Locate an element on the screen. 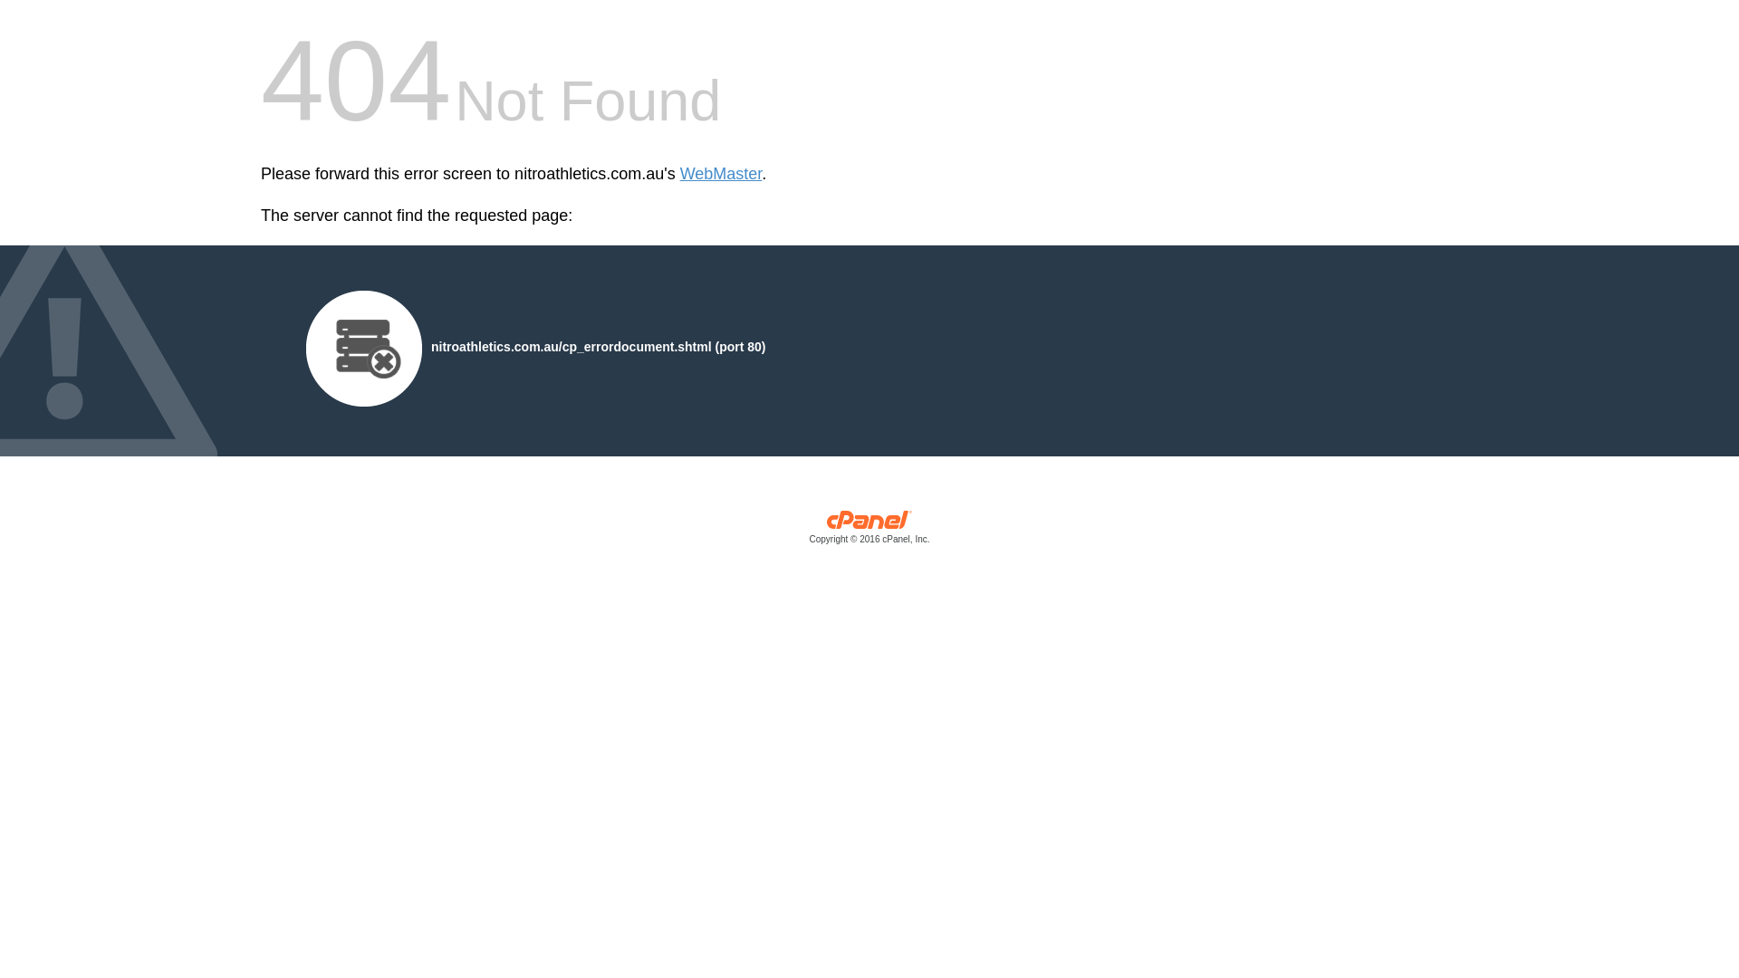 This screenshot has height=978, width=1739. 'WebMaster' is located at coordinates (720, 174).